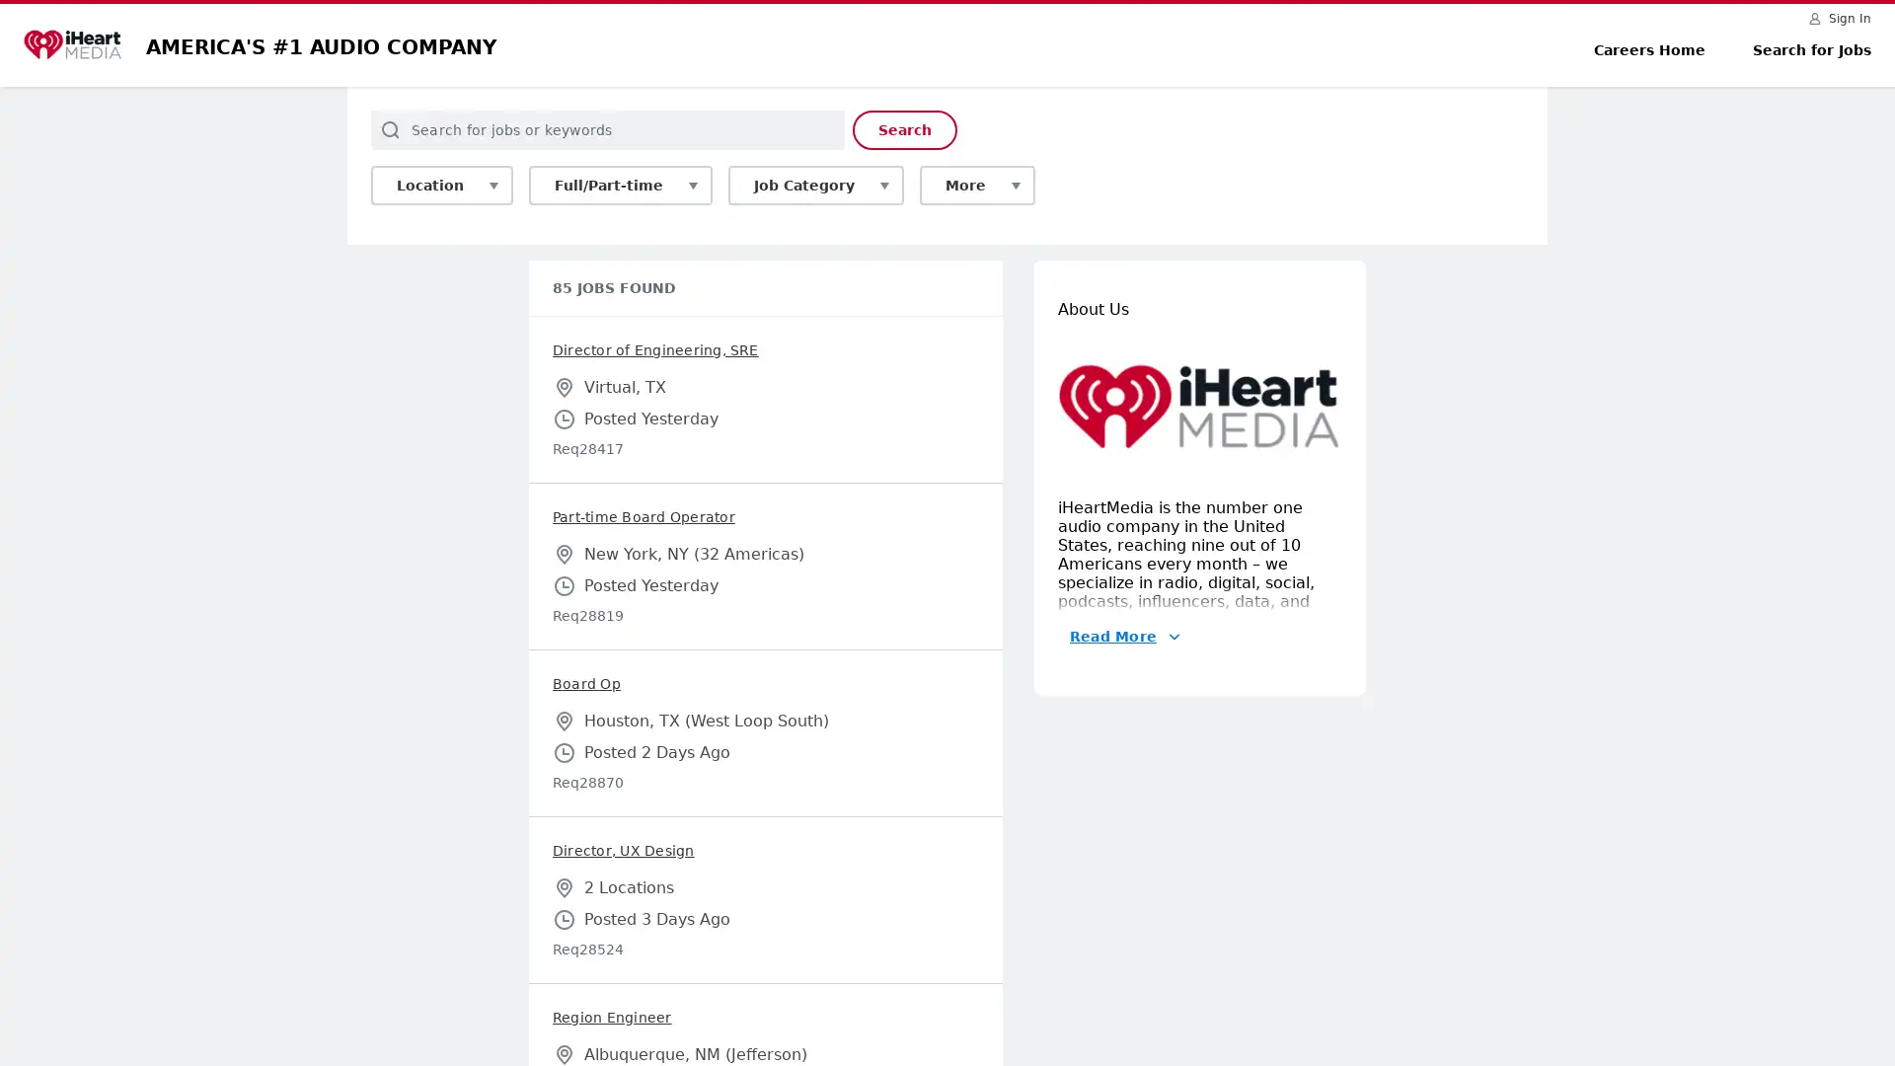 The height and width of the screenshot is (1066, 1895). I want to click on More, so click(924, 551).